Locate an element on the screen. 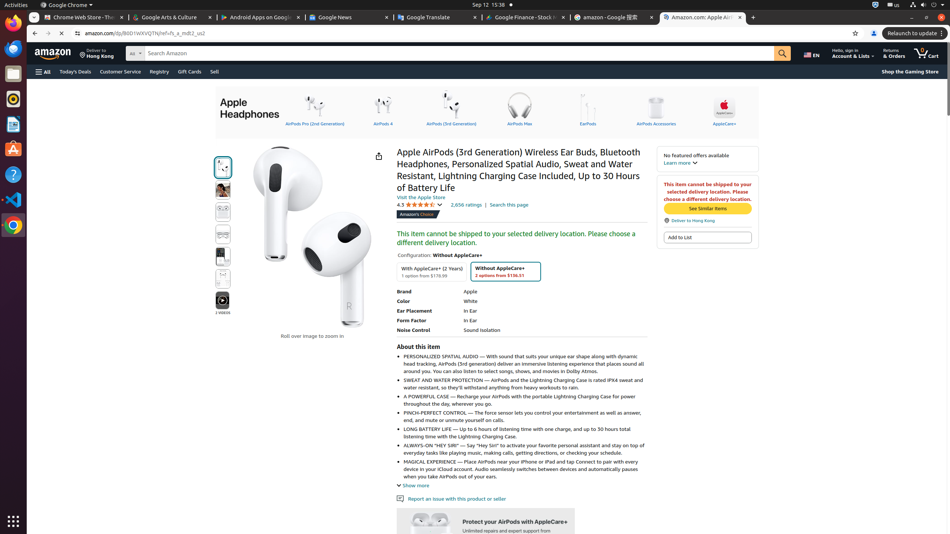  'AirPods 4' is located at coordinates (383, 108).